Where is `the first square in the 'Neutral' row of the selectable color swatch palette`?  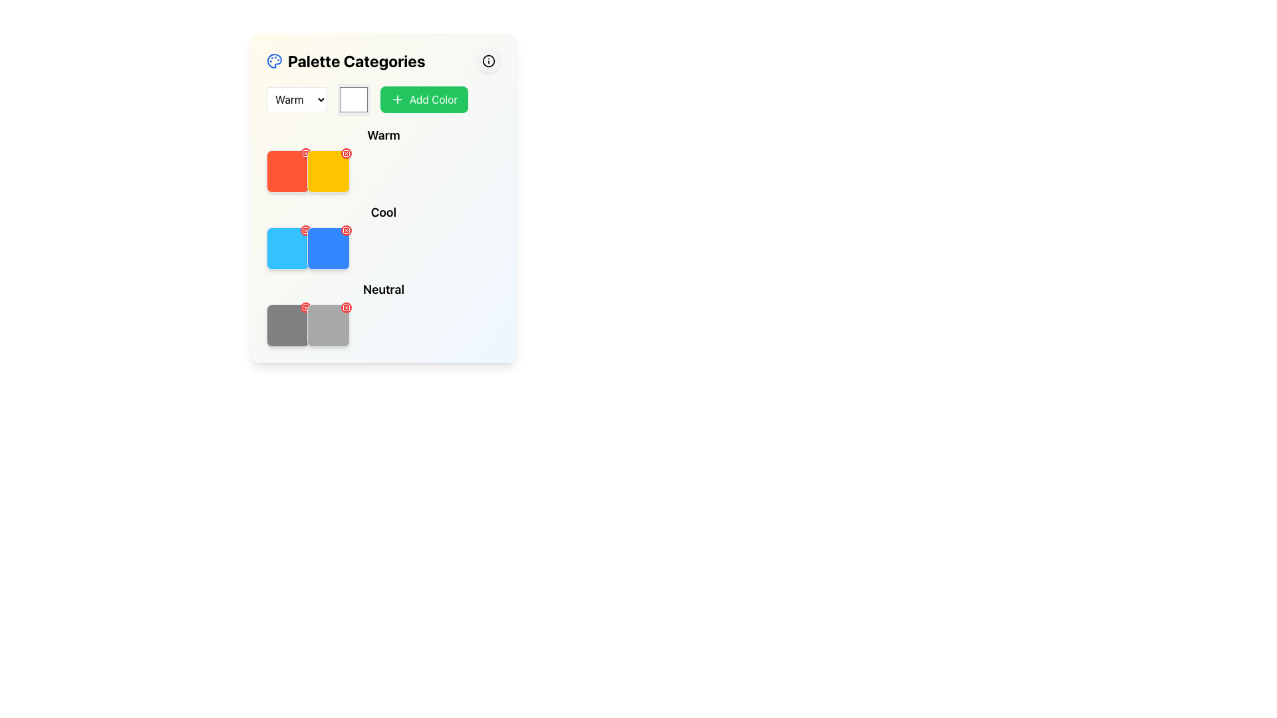
the first square in the 'Neutral' row of the selectable color swatch palette is located at coordinates (287, 325).